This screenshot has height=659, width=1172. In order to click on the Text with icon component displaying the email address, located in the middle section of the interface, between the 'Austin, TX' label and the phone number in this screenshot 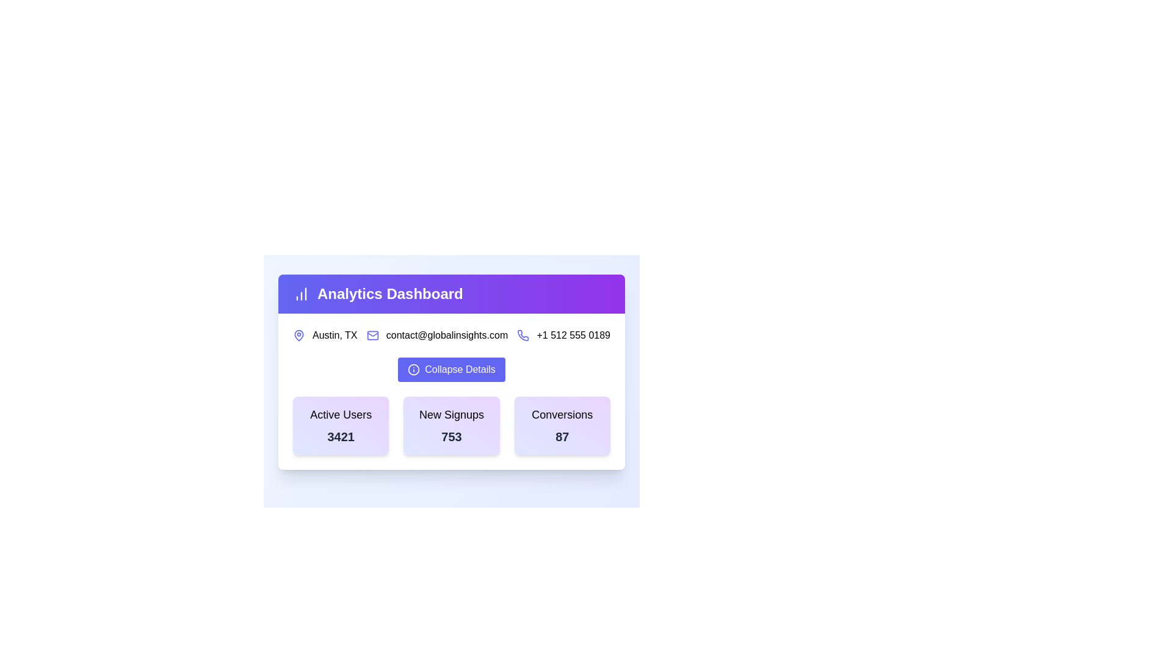, I will do `click(437, 336)`.